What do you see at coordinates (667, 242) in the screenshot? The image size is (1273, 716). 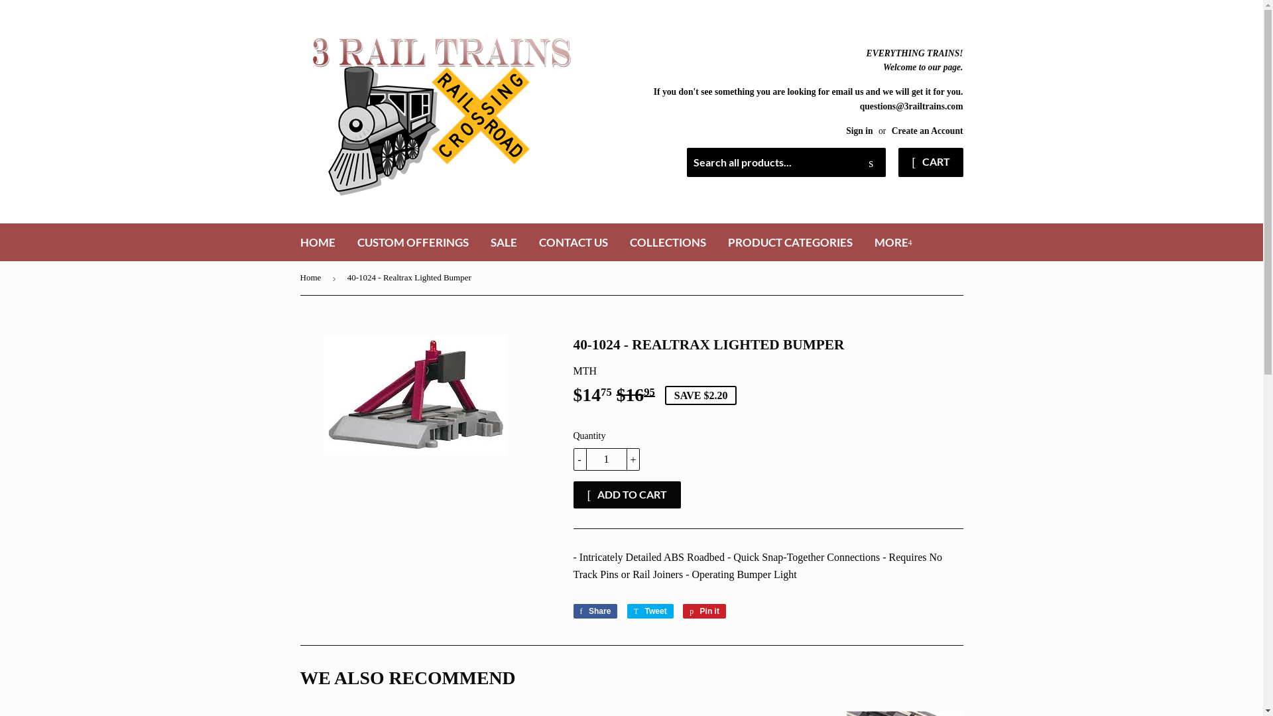 I see `'COLLECTIONS'` at bounding box center [667, 242].